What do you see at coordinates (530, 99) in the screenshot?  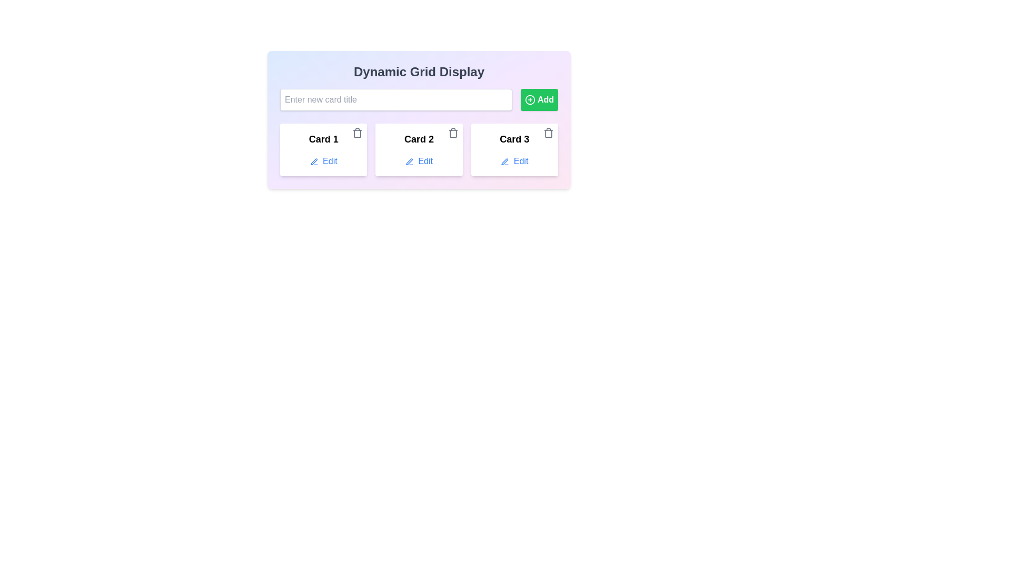 I see `the circular icon with a plus sign in its center, which is` at bounding box center [530, 99].